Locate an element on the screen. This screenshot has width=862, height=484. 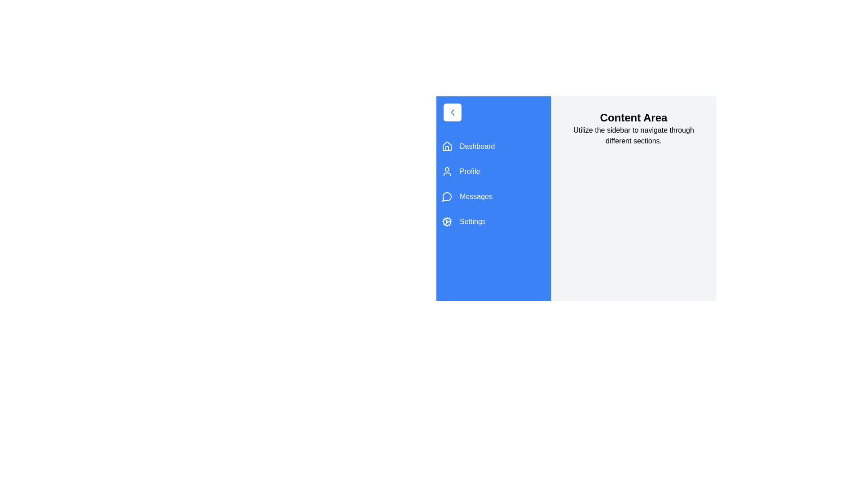
the menu item labeled Dashboard is located at coordinates (493, 146).